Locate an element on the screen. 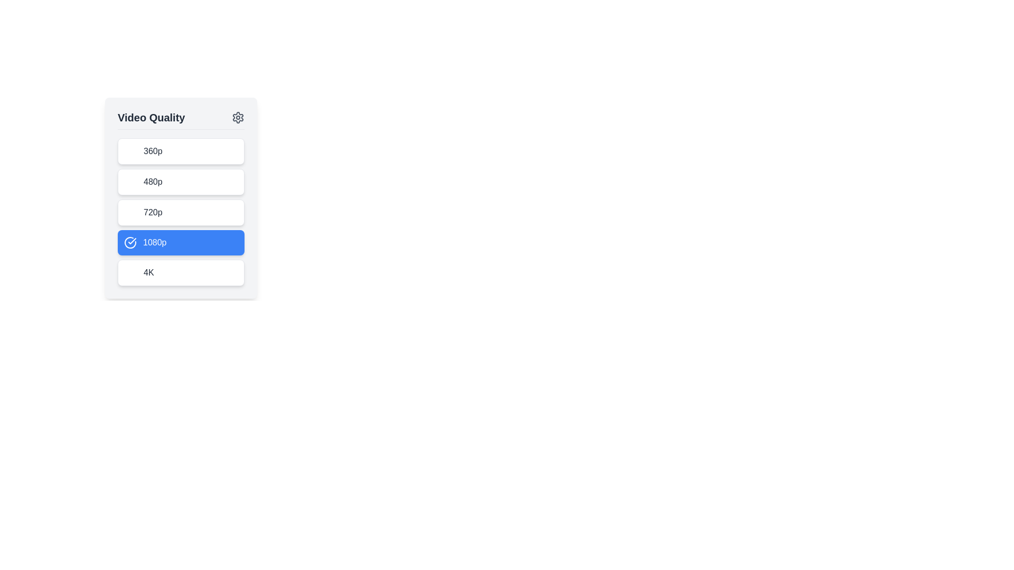 This screenshot has height=570, width=1014. the '720p' button, which is a rectangular button with rounded corners and a white background is located at coordinates (181, 212).